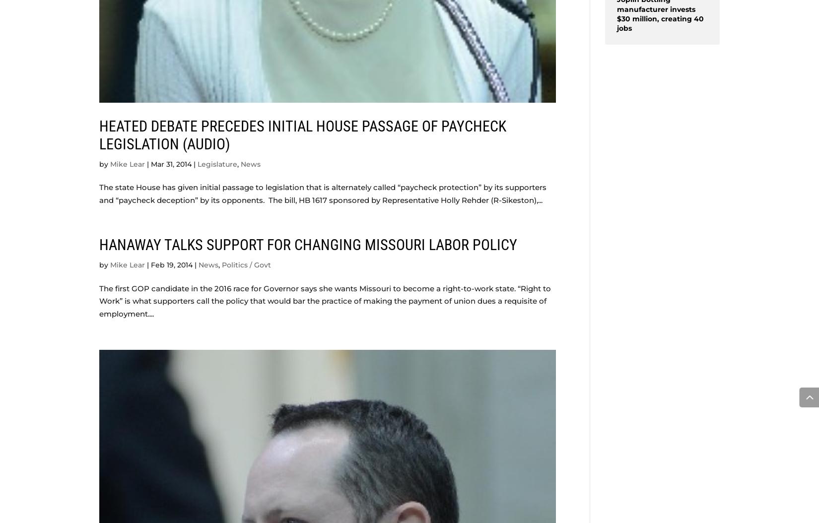 The height and width of the screenshot is (523, 819). Describe the element at coordinates (302, 134) in the screenshot. I see `'Heated debate precedes initial House passage of paycheck legislation (AUDIO)'` at that location.